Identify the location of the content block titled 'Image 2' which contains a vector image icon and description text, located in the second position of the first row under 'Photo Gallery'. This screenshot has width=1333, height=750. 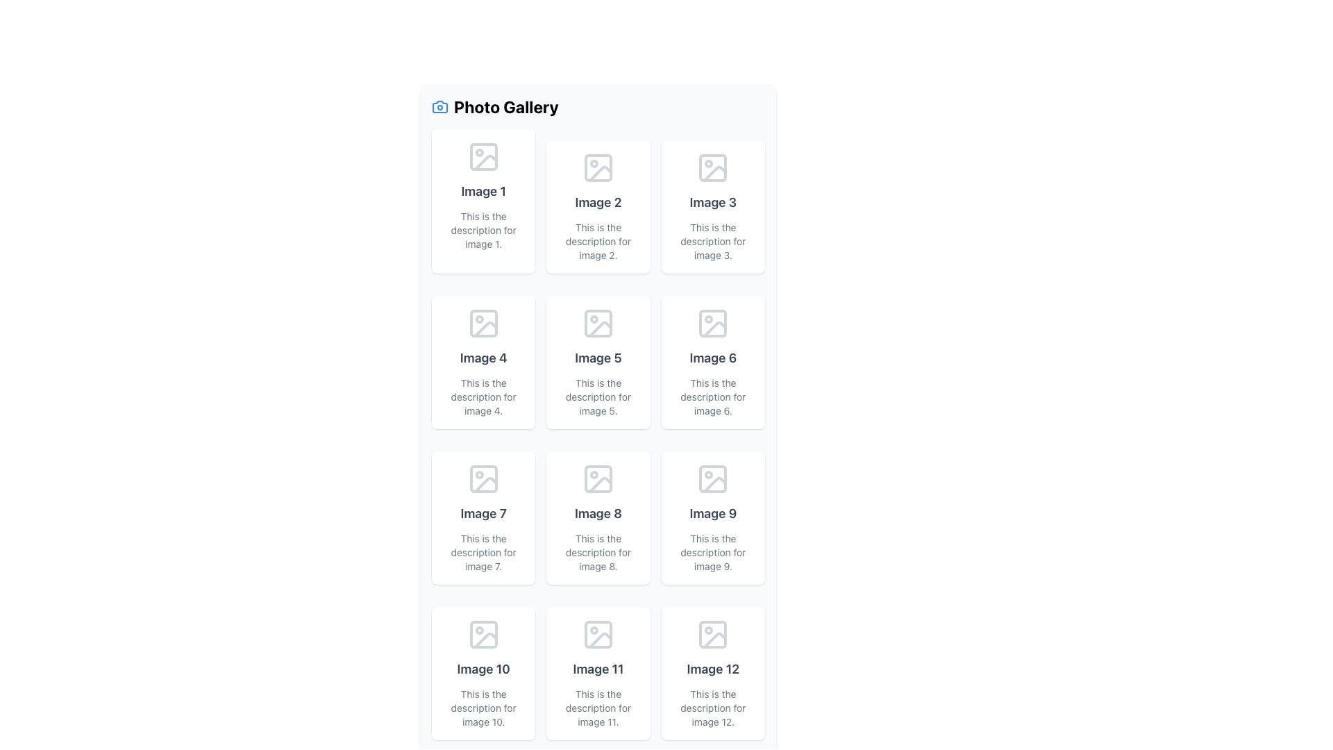
(598, 206).